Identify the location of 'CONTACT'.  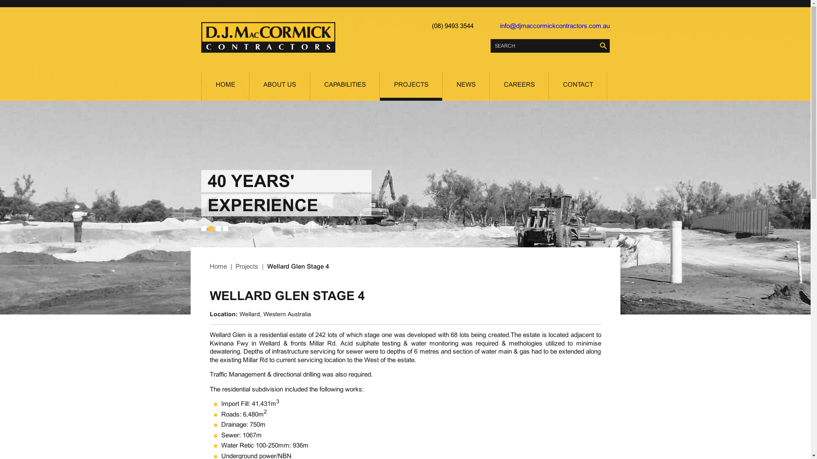
(578, 86).